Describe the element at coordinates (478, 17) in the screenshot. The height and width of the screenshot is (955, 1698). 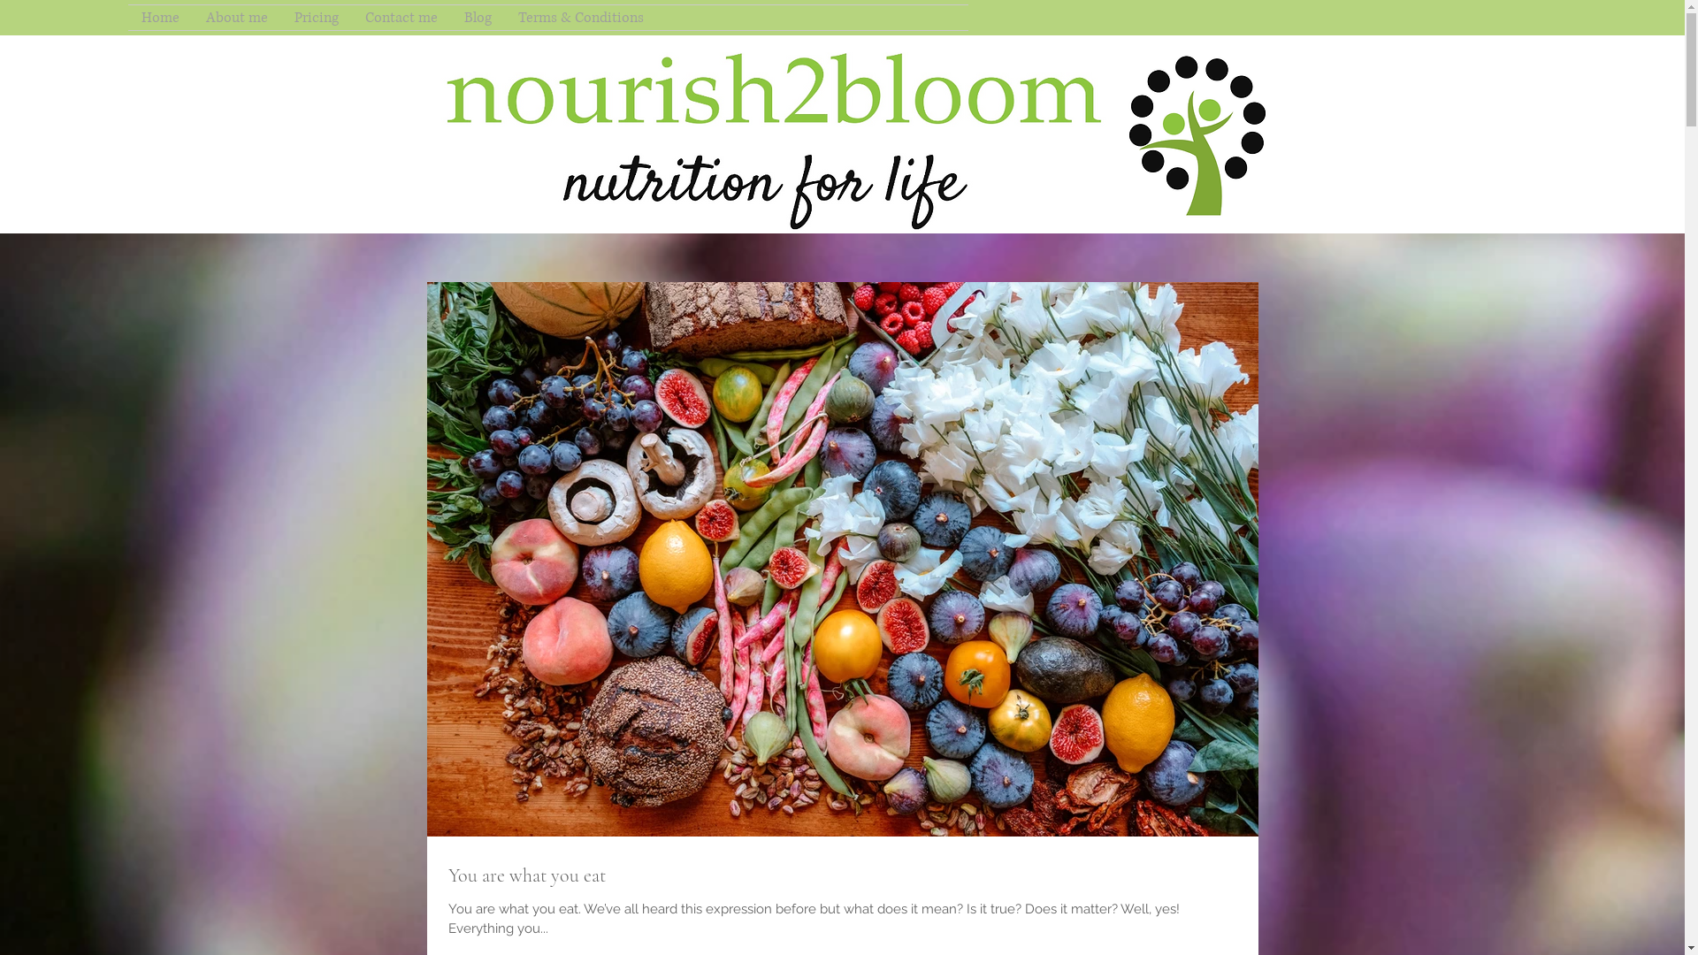
I see `'Blog'` at that location.